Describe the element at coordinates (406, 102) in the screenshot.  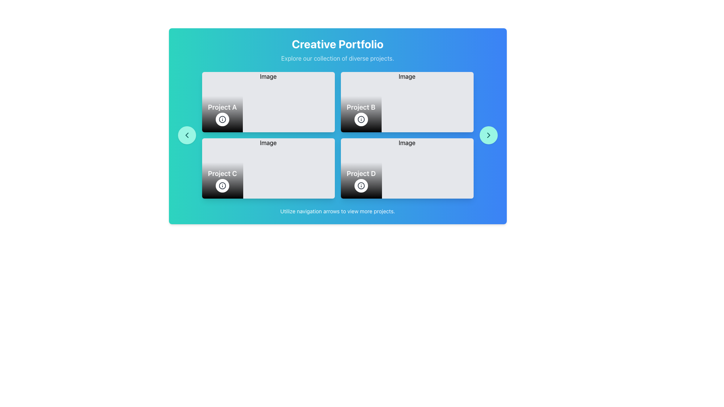
I see `the interactive card or project preview card that displays details for 'Project B', located as the second card in the top row of a grid layout` at that location.